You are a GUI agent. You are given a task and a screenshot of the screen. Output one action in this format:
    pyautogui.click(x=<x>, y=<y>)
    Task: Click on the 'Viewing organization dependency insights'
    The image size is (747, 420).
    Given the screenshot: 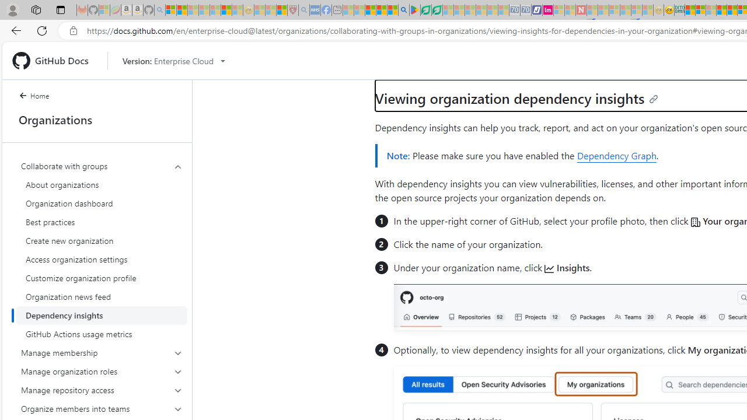 What is the action you would take?
    pyautogui.click(x=516, y=97)
    